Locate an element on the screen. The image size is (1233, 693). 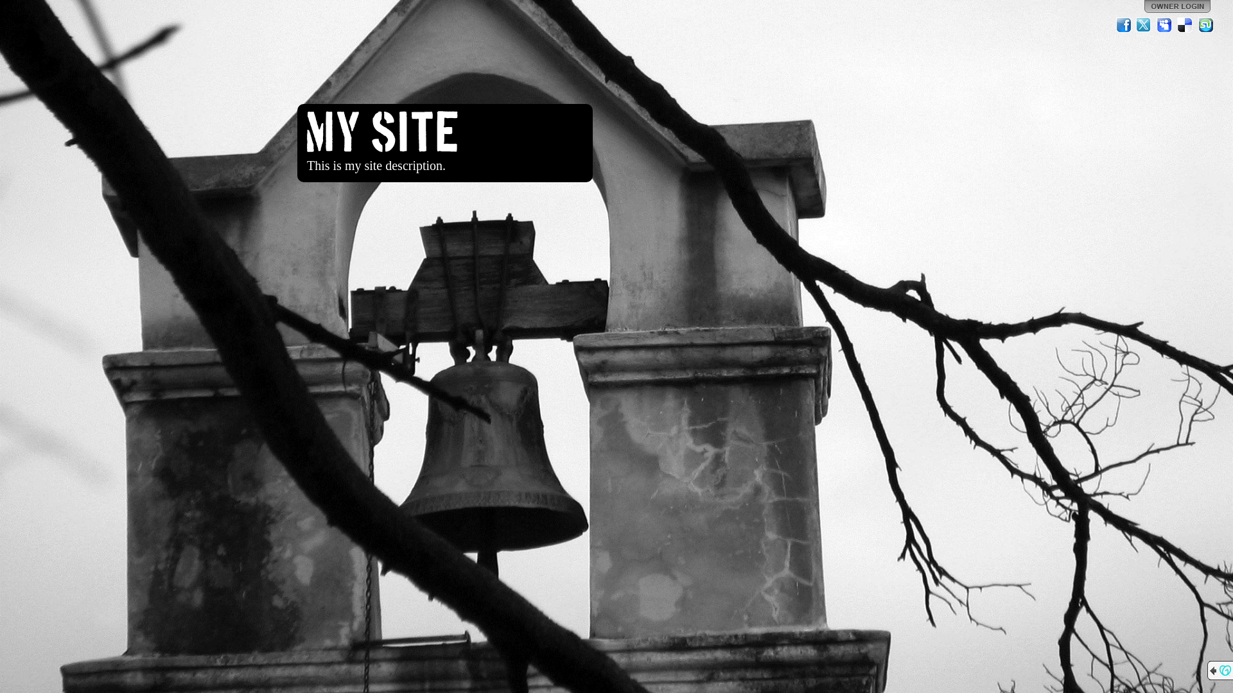
'Facebook' is located at coordinates (1123, 24).